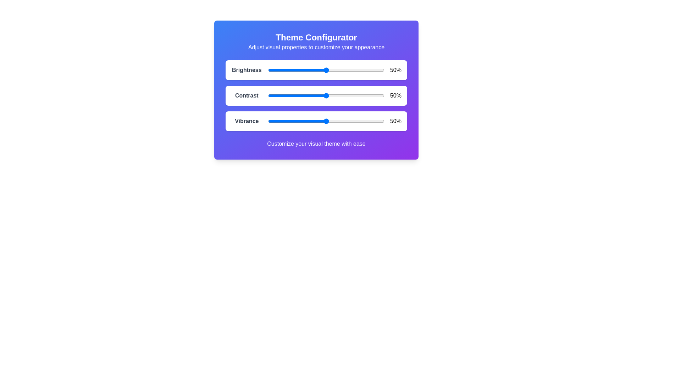 This screenshot has width=681, height=383. I want to click on the vibrance slider to 40%, so click(314, 121).